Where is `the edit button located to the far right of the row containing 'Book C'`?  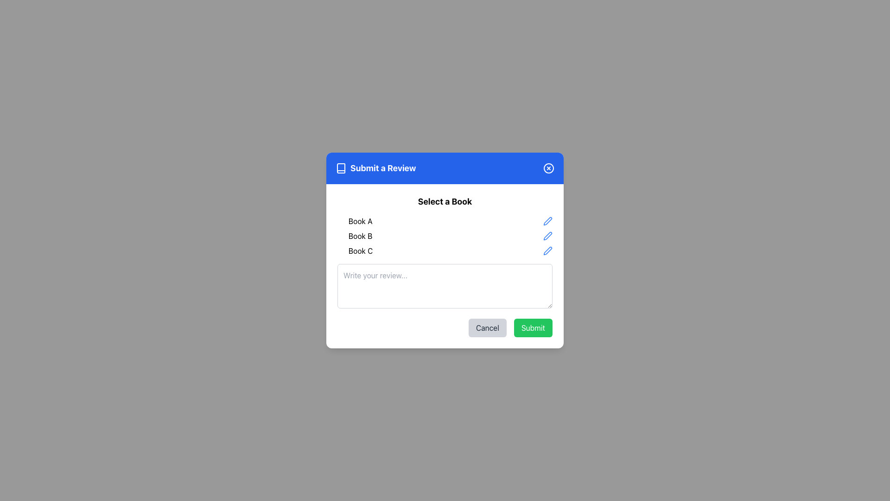
the edit button located to the far right of the row containing 'Book C' is located at coordinates (547, 250).